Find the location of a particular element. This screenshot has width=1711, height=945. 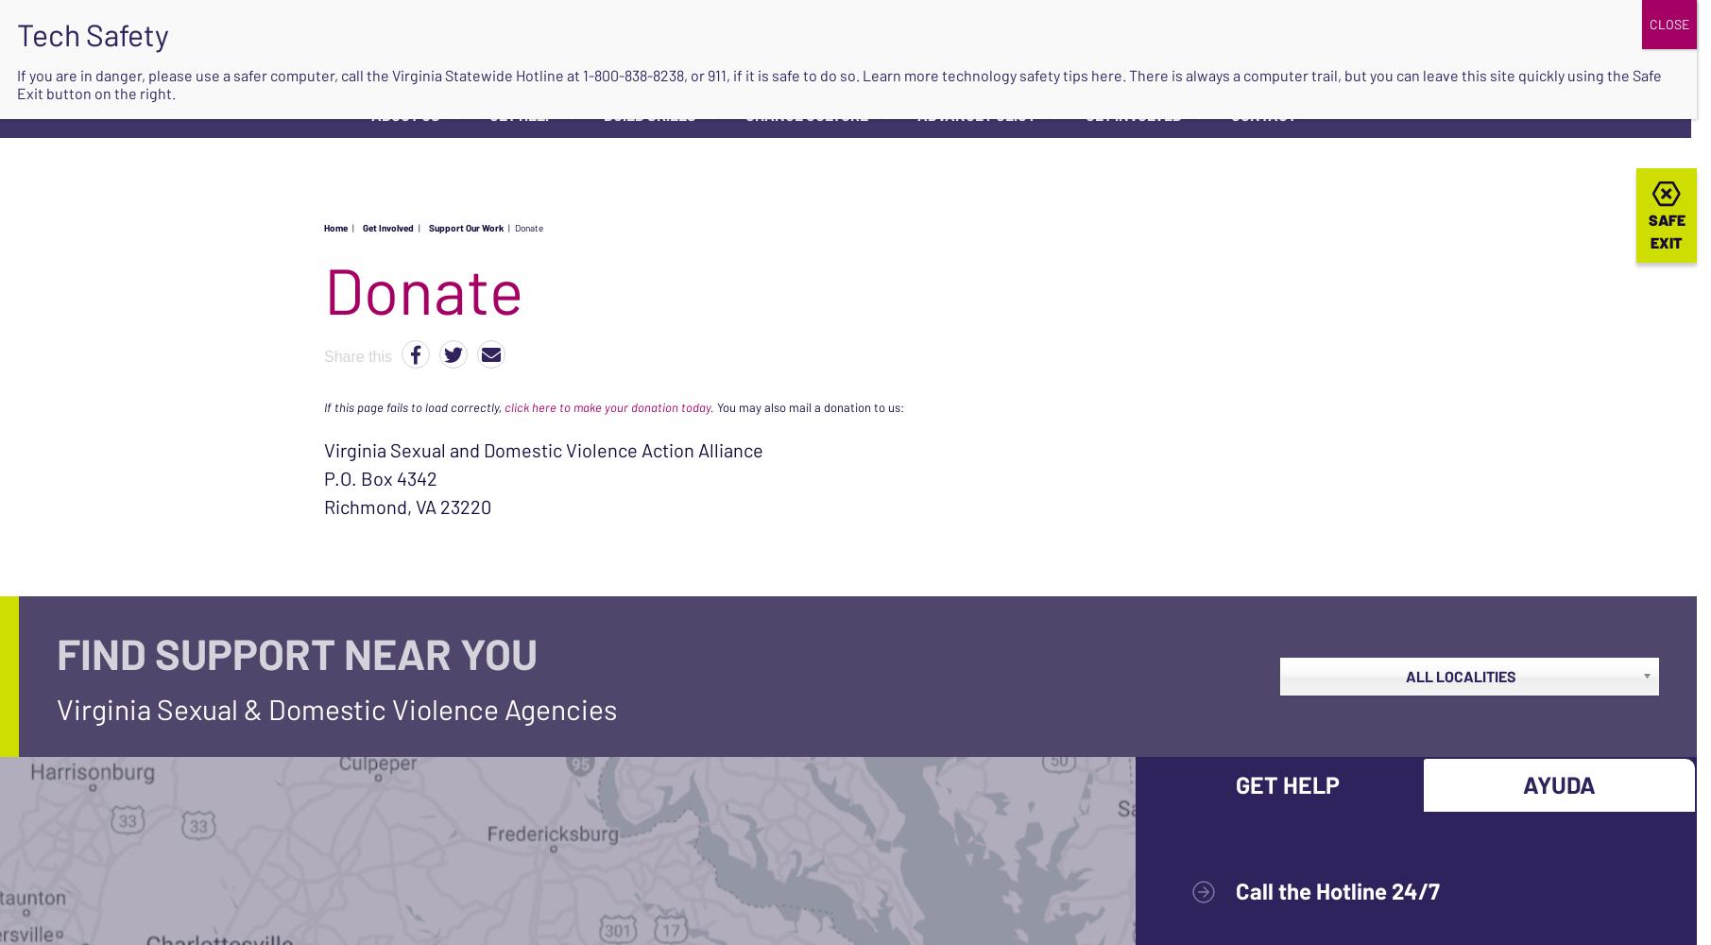

', or 911, if it is safe to do so. Learn more' is located at coordinates (813, 74).